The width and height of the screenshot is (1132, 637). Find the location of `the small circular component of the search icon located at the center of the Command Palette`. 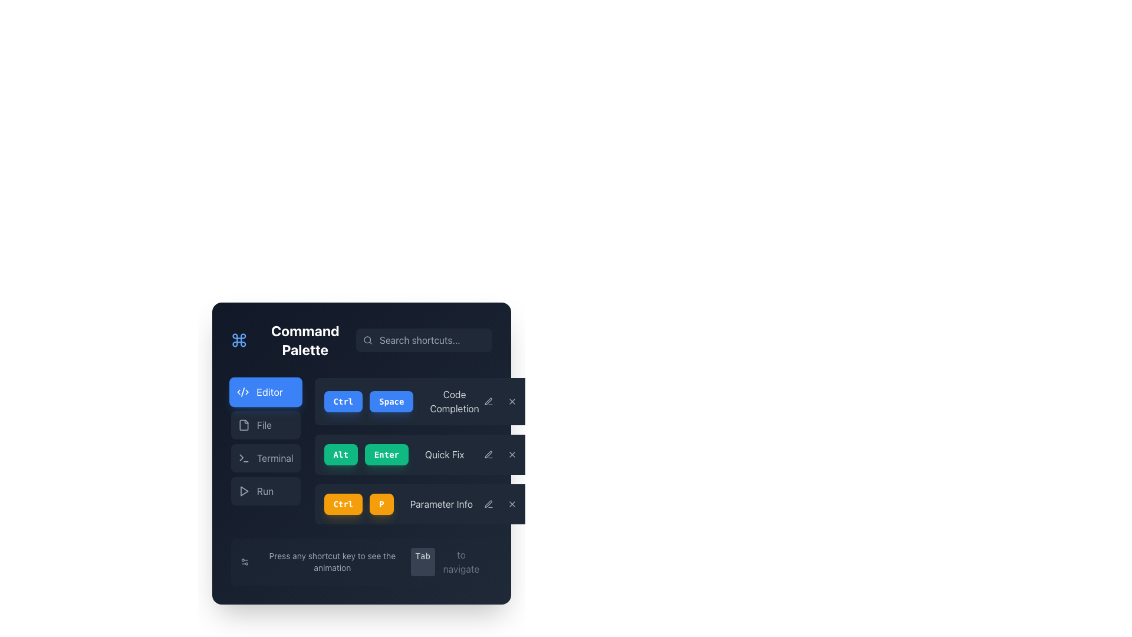

the small circular component of the search icon located at the center of the Command Palette is located at coordinates (367, 340).